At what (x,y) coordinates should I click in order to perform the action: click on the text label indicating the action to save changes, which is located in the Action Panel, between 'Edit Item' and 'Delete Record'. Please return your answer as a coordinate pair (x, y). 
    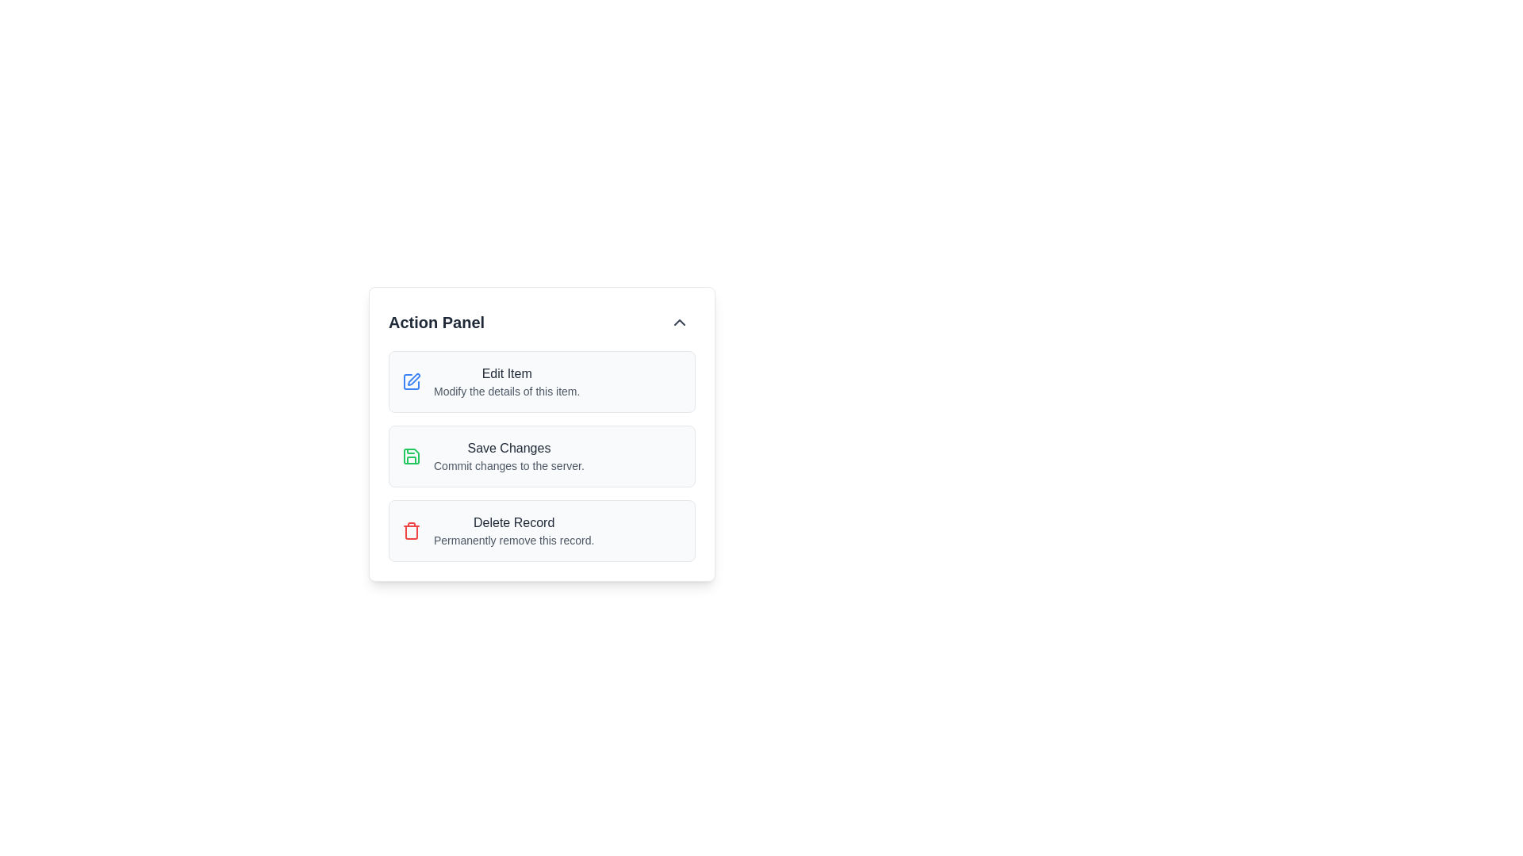
    Looking at the image, I should click on (508, 449).